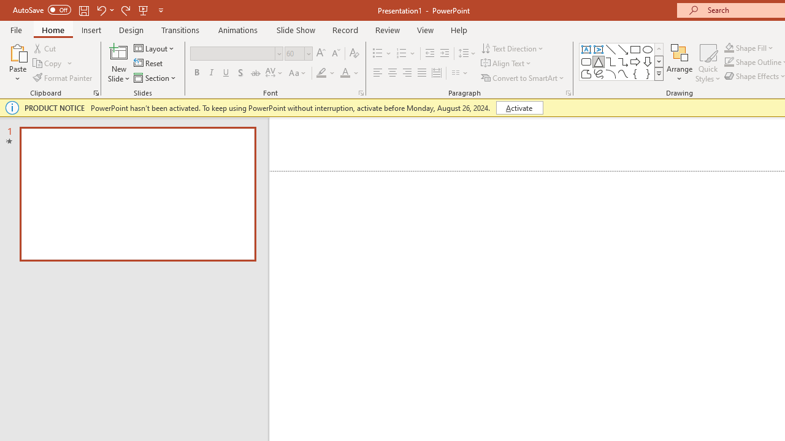 The height and width of the screenshot is (441, 785). Describe the element at coordinates (298, 53) in the screenshot. I see `'Font Size'` at that location.